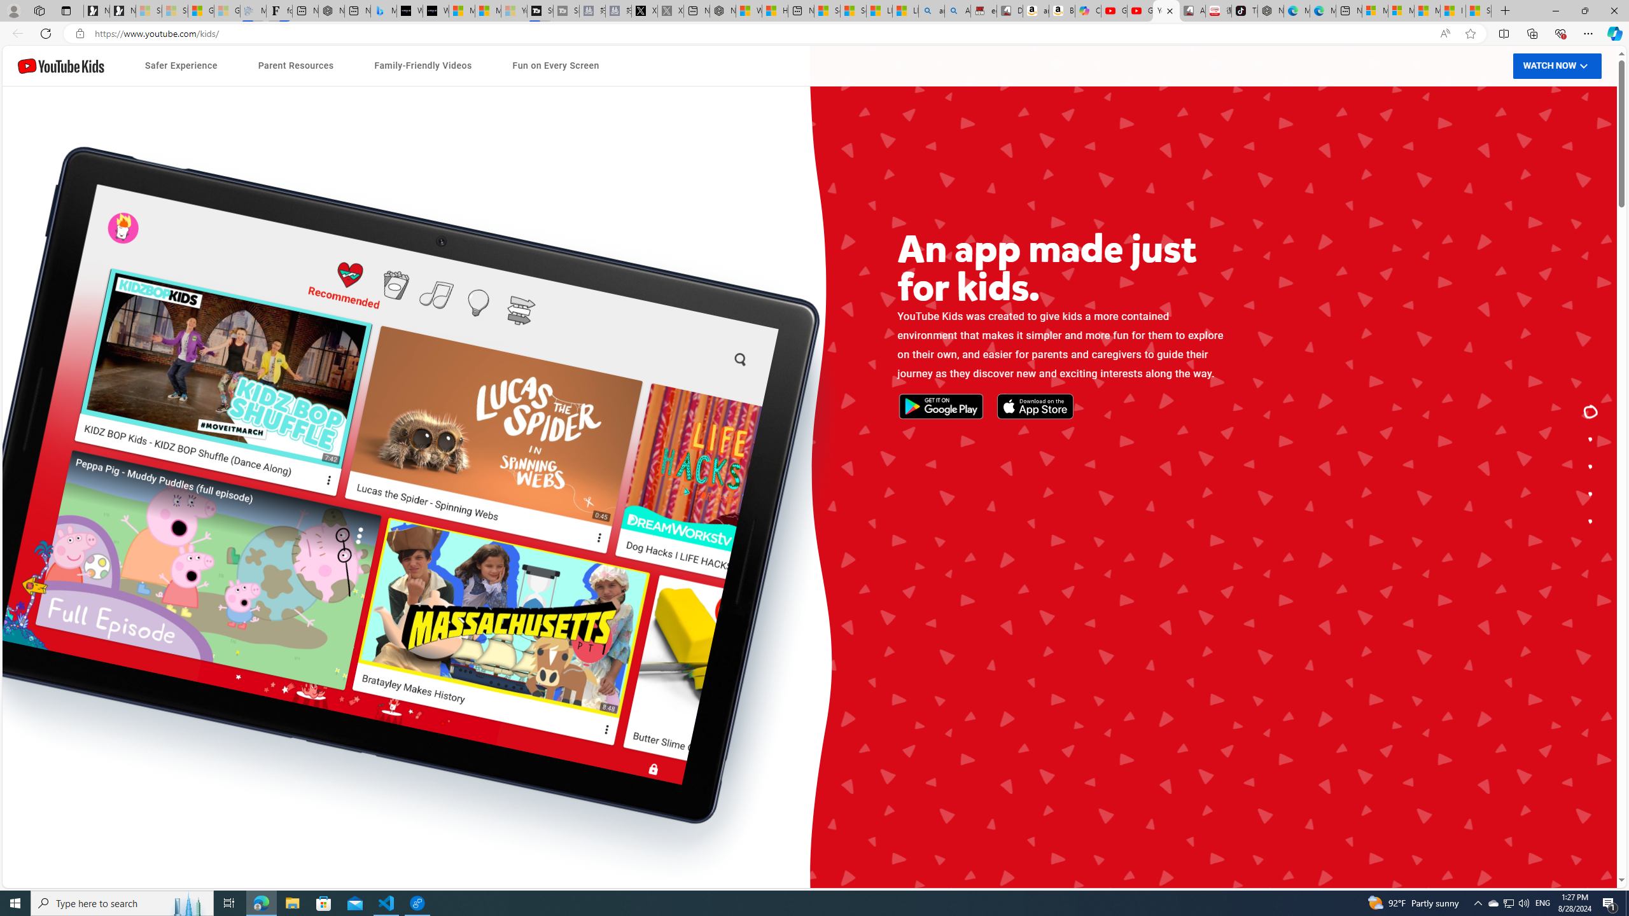 The width and height of the screenshot is (1629, 916). What do you see at coordinates (60, 66) in the screenshot?
I see `'YouTube Kids'` at bounding box center [60, 66].